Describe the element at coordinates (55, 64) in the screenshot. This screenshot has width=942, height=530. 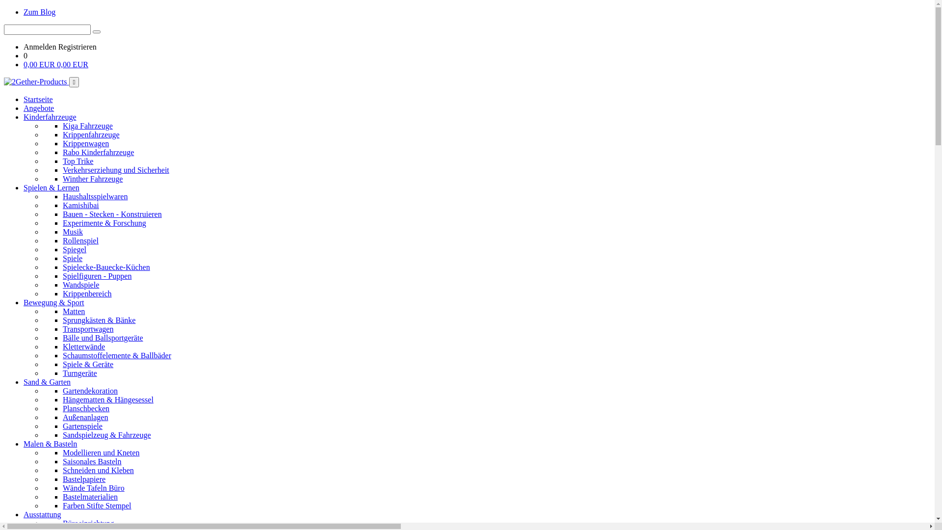
I see `'0,00 EUR 0,00 EUR'` at that location.